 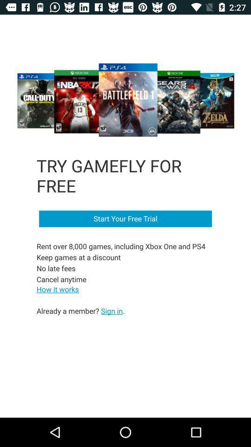 What do you see at coordinates (122, 263) in the screenshot?
I see `item below start your free` at bounding box center [122, 263].